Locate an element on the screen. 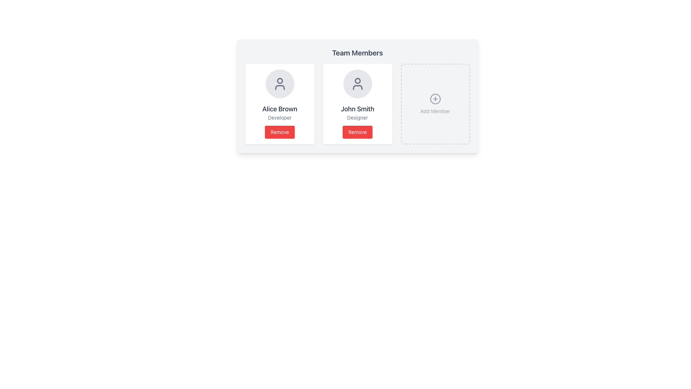  the 'Add Member' button icon located in the far-right section of the 'Team Members' panel to trigger a tooltip or visual feedback is located at coordinates (435, 99).